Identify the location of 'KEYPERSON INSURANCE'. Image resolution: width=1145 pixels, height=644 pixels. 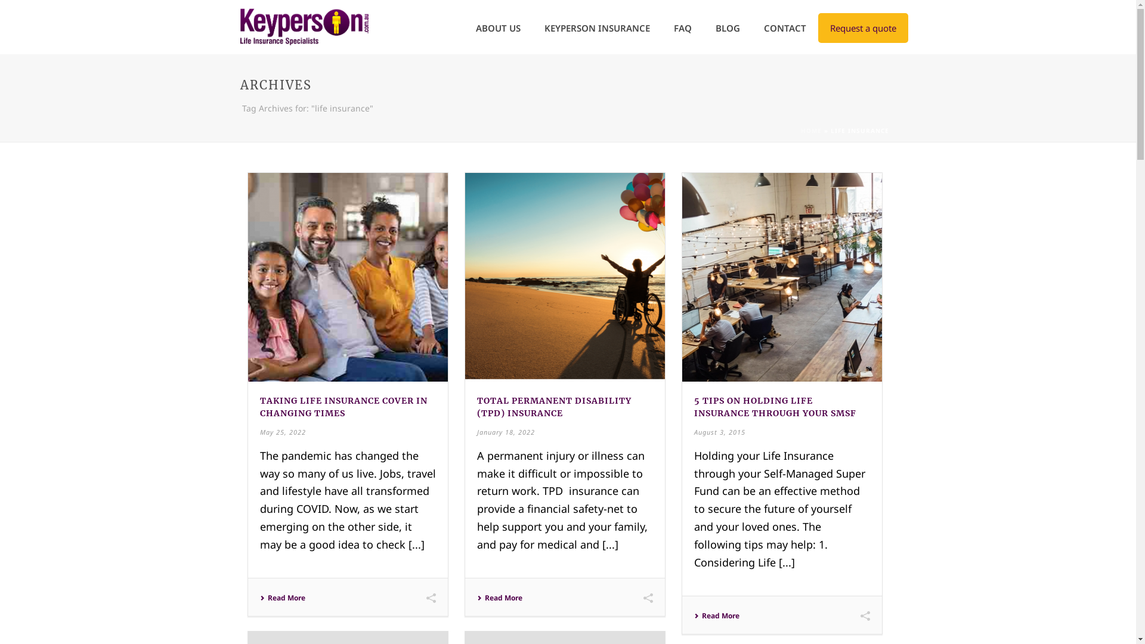
(531, 27).